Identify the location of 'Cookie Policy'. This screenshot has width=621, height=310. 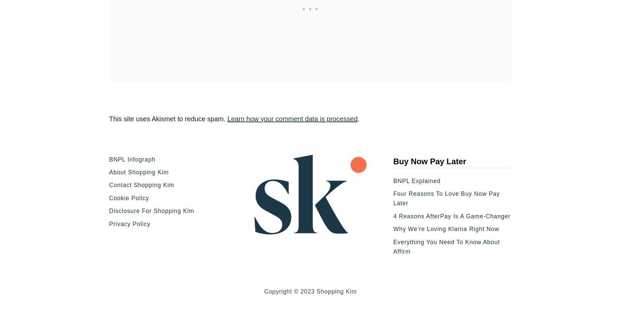
(129, 197).